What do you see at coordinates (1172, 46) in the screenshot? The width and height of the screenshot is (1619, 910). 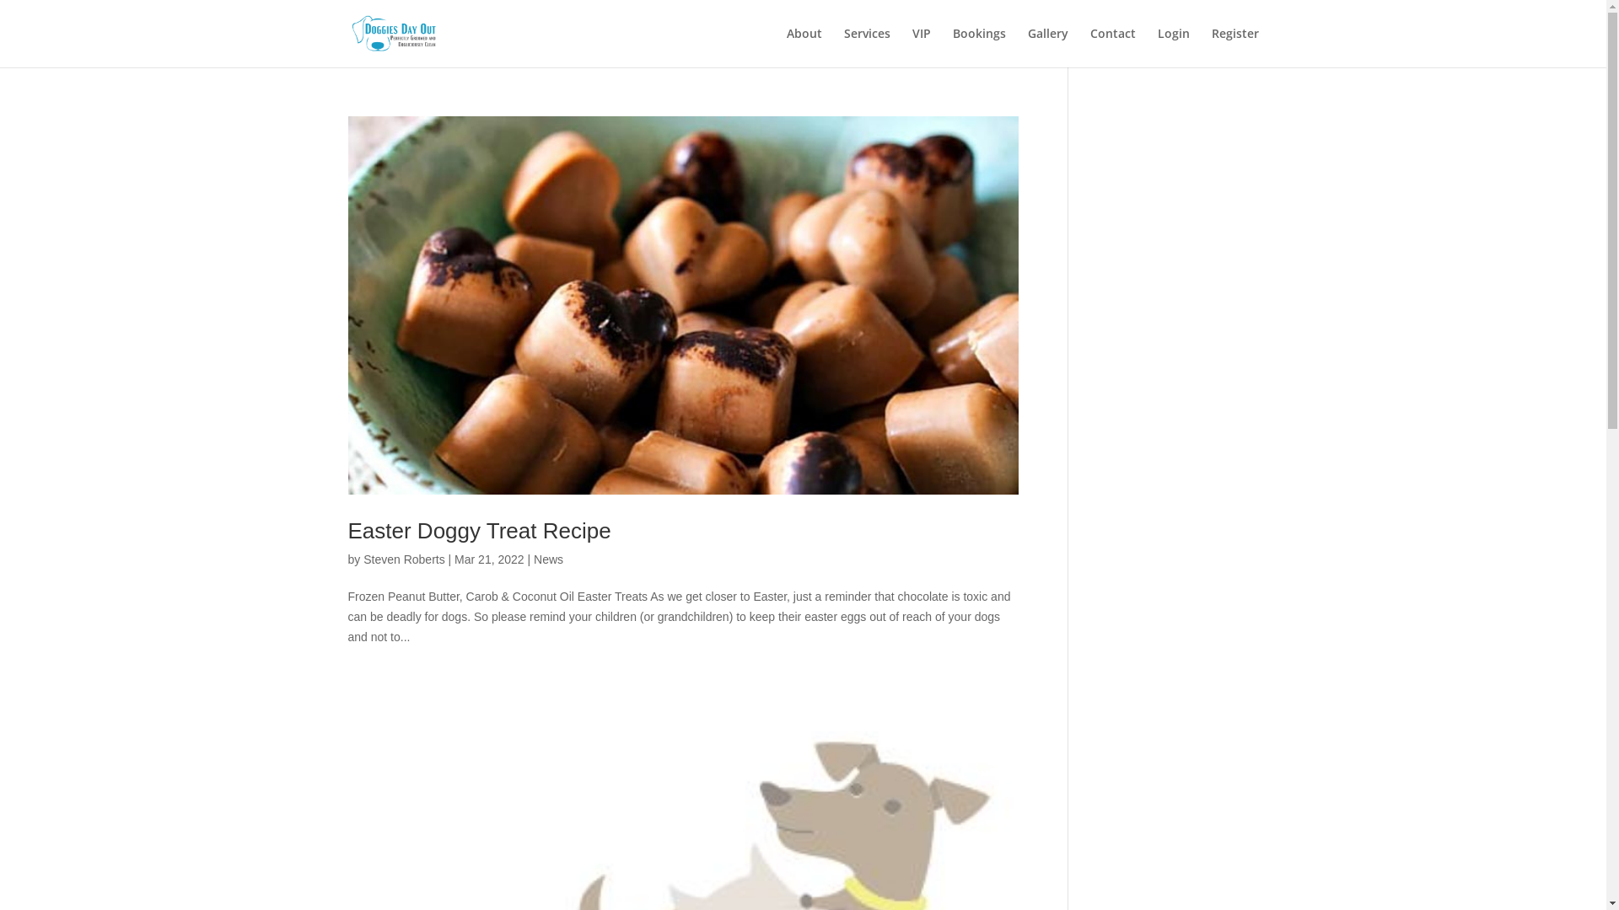 I see `'Login'` at bounding box center [1172, 46].